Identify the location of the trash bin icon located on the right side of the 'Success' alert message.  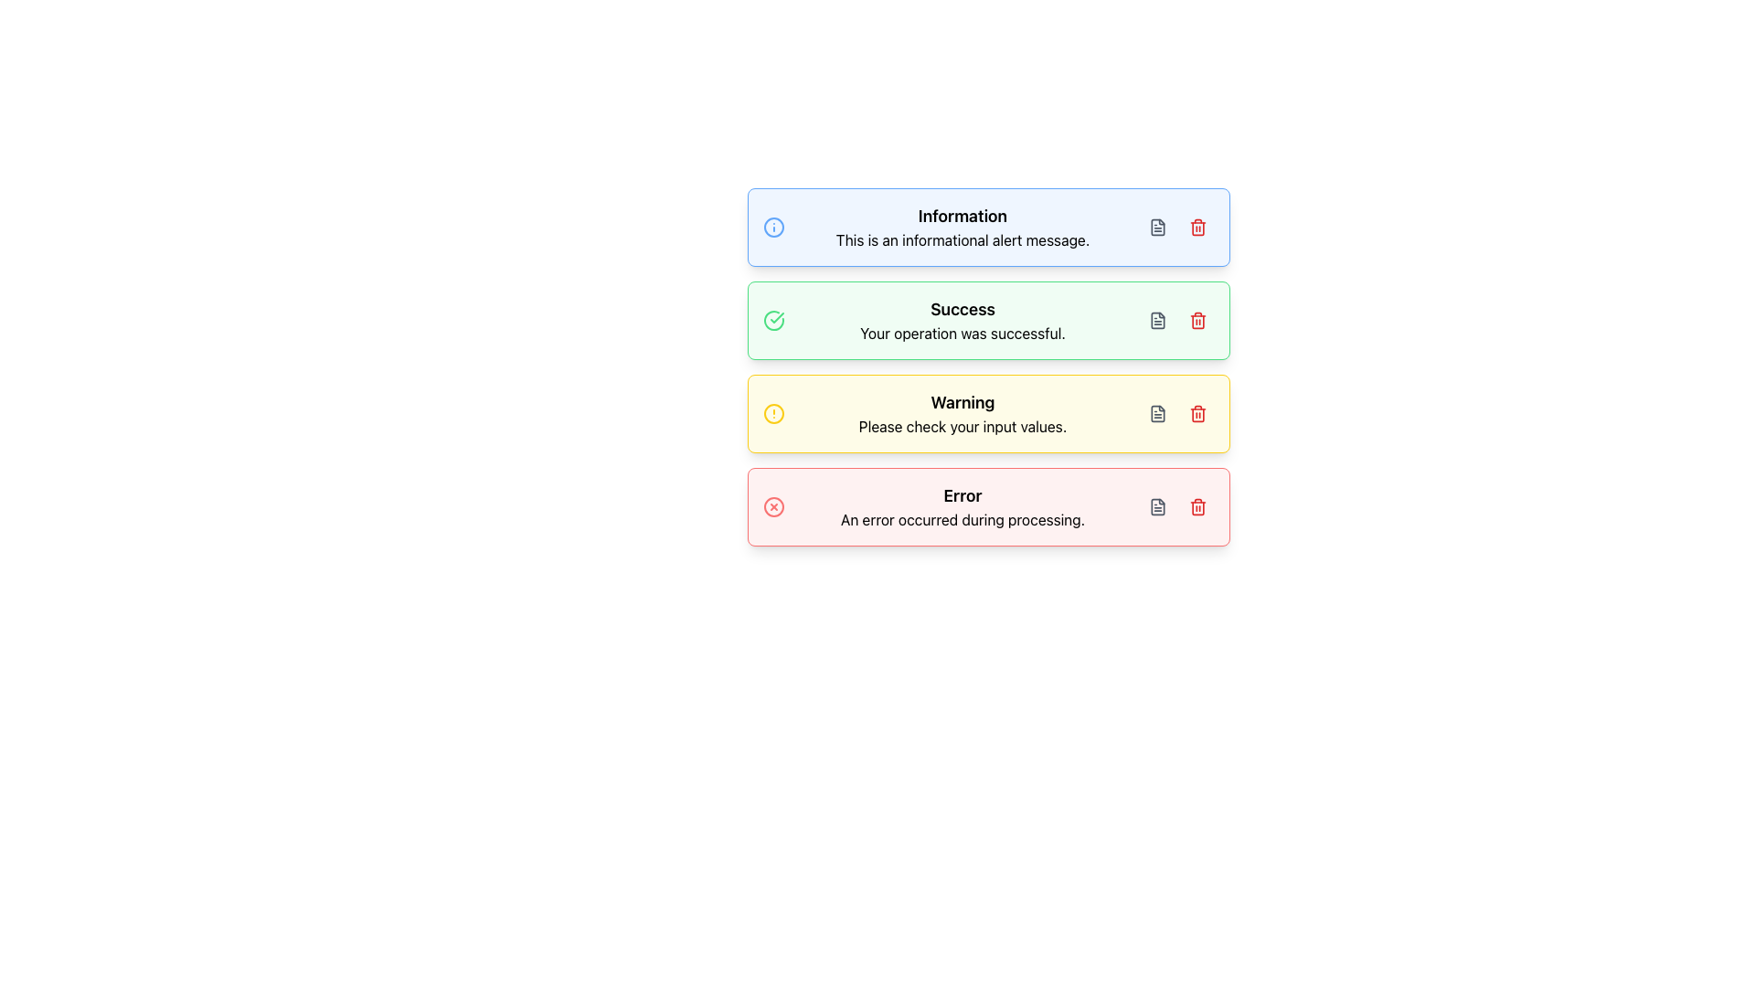
(1197, 320).